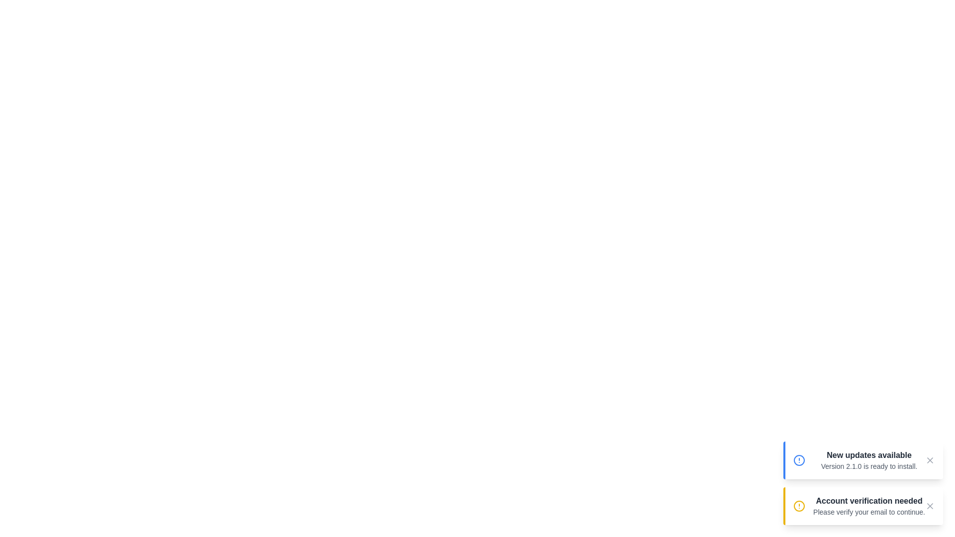 The width and height of the screenshot is (955, 537). Describe the element at coordinates (862, 506) in the screenshot. I see `the notification Account verification needed` at that location.